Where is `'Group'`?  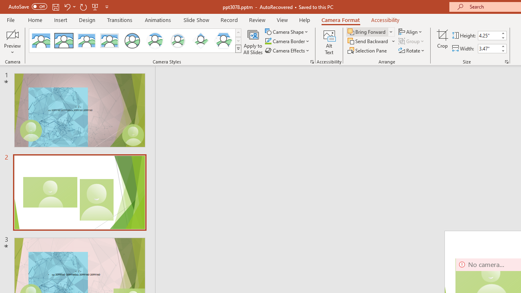
'Group' is located at coordinates (412, 41).